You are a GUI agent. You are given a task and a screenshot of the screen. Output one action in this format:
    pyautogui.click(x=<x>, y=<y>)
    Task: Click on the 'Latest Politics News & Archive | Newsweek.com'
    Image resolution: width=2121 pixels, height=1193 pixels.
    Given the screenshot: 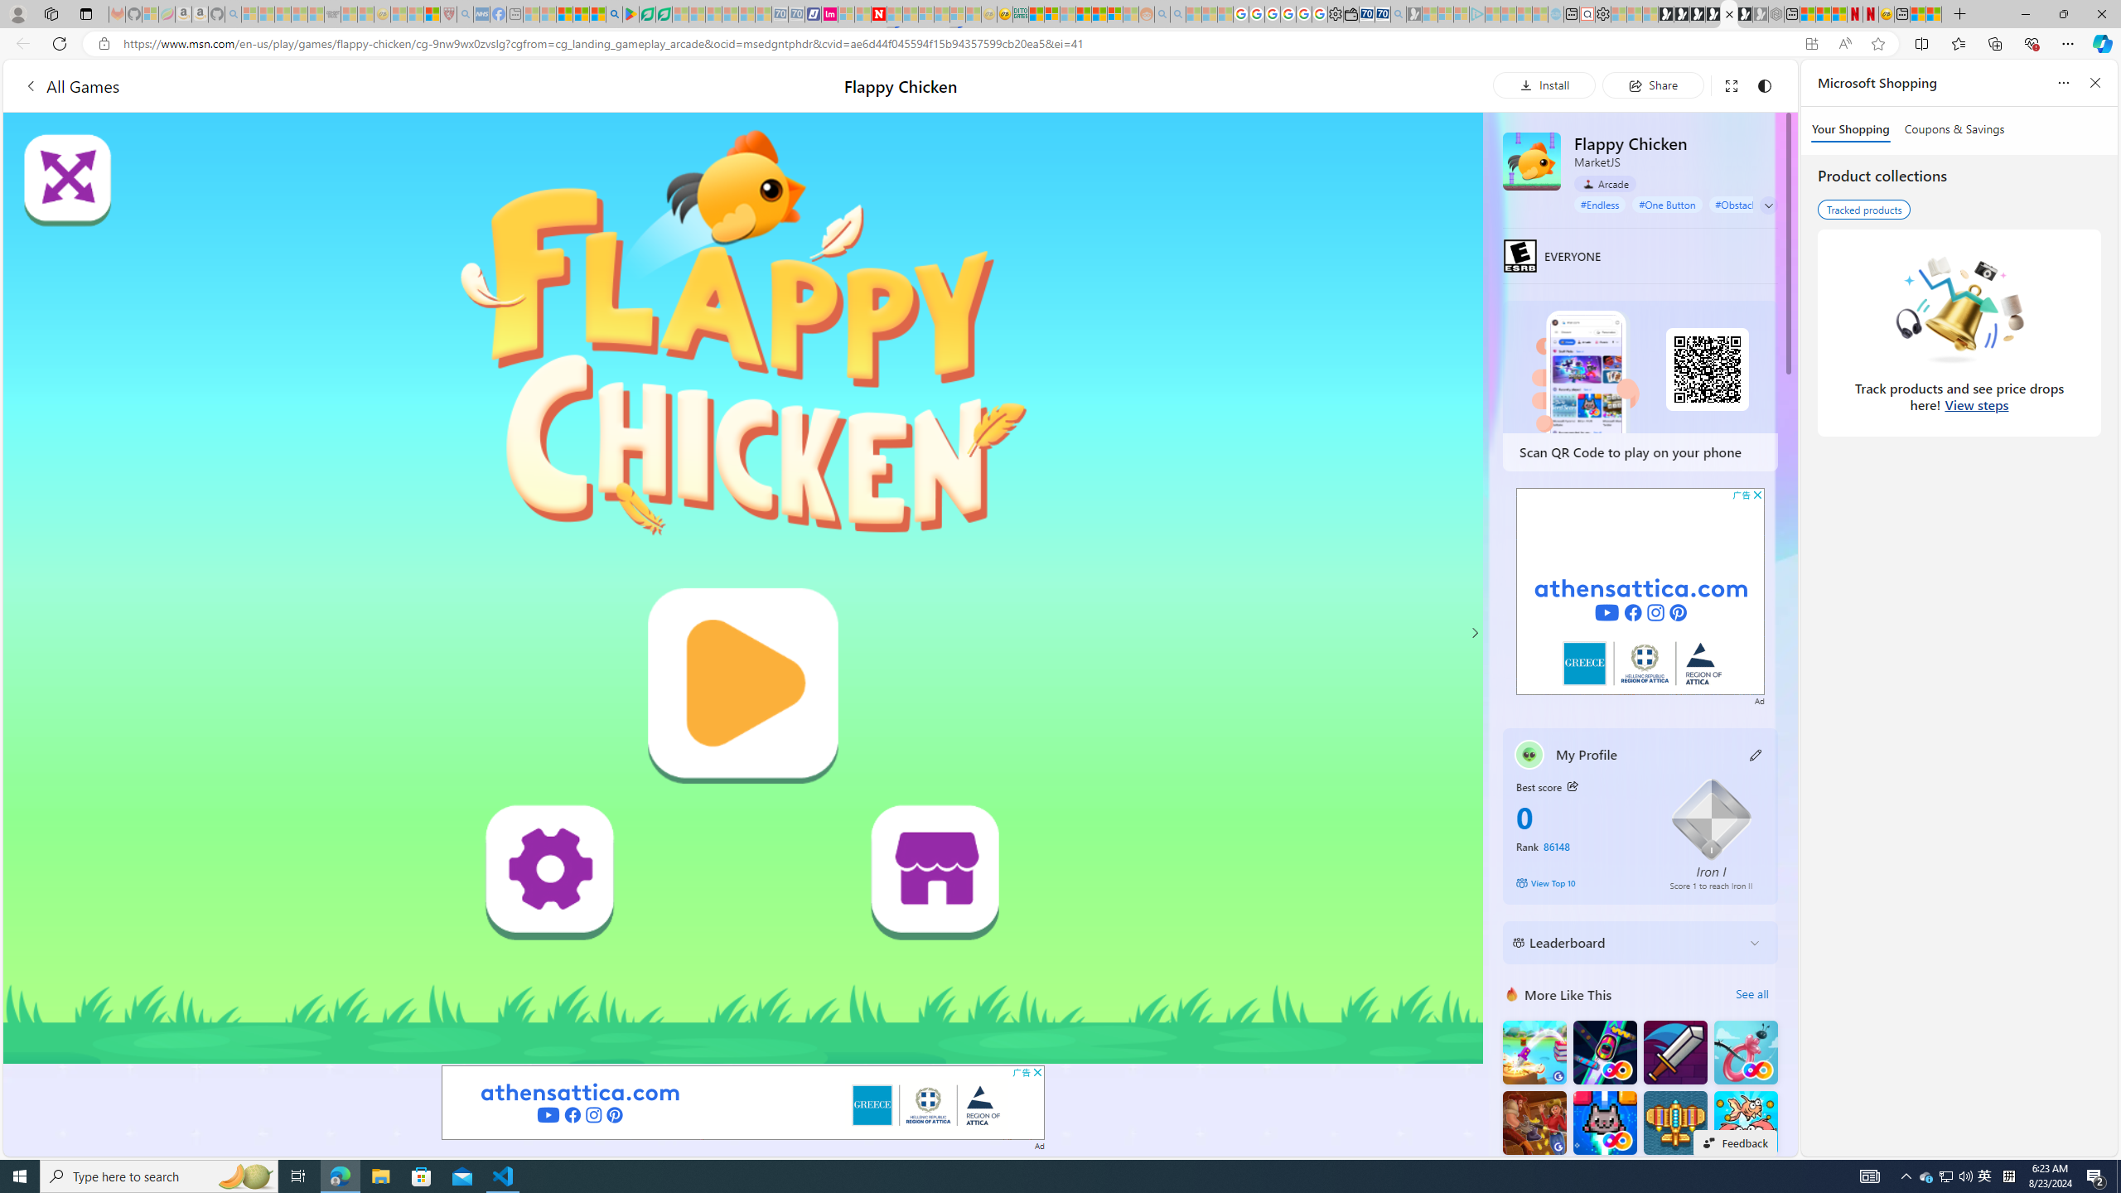 What is the action you would take?
    pyautogui.click(x=877, y=13)
    